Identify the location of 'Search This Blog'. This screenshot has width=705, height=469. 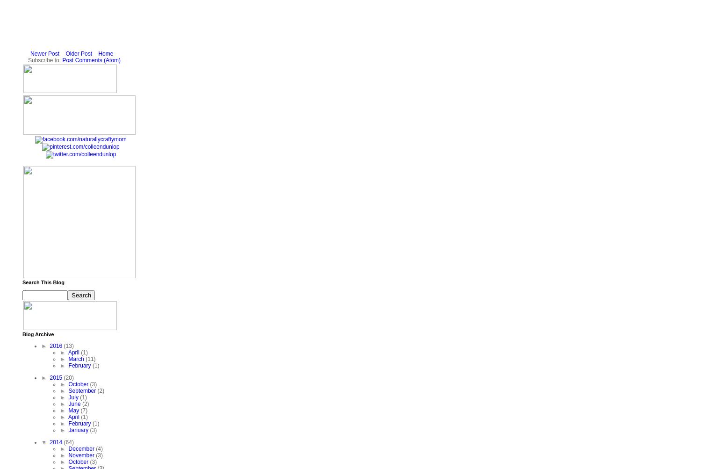
(43, 282).